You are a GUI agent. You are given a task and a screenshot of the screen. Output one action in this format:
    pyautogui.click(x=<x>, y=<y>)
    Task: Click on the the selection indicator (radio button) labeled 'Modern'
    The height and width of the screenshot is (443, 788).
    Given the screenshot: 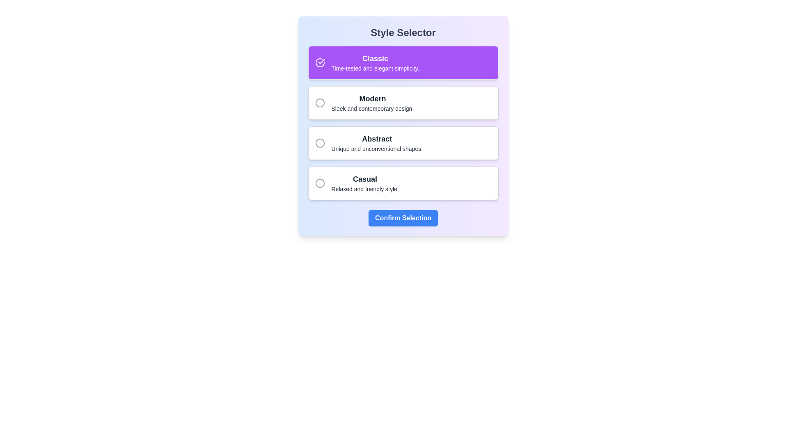 What is the action you would take?
    pyautogui.click(x=319, y=102)
    